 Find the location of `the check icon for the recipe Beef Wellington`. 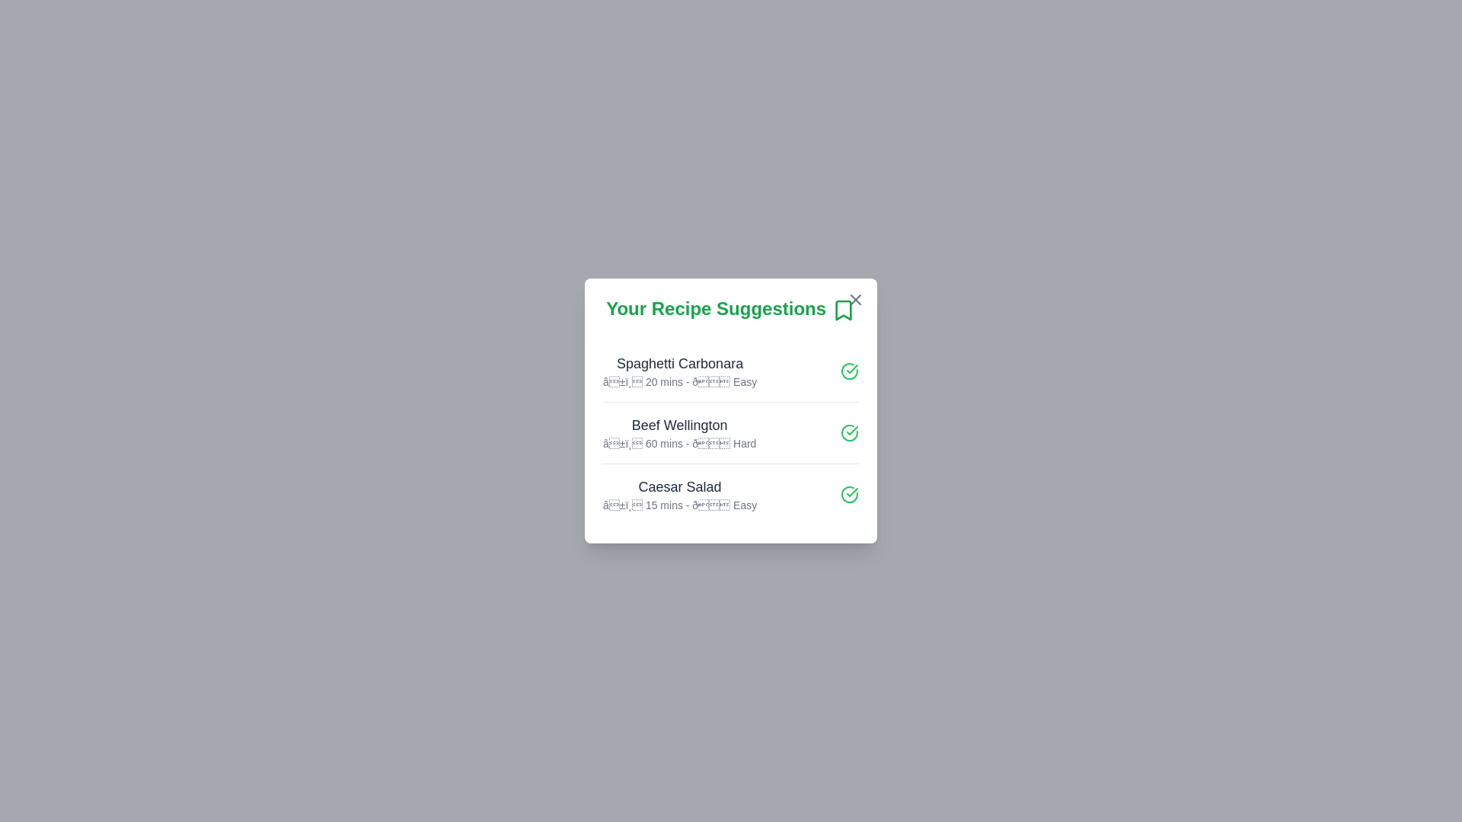

the check icon for the recipe Beef Wellington is located at coordinates (849, 432).